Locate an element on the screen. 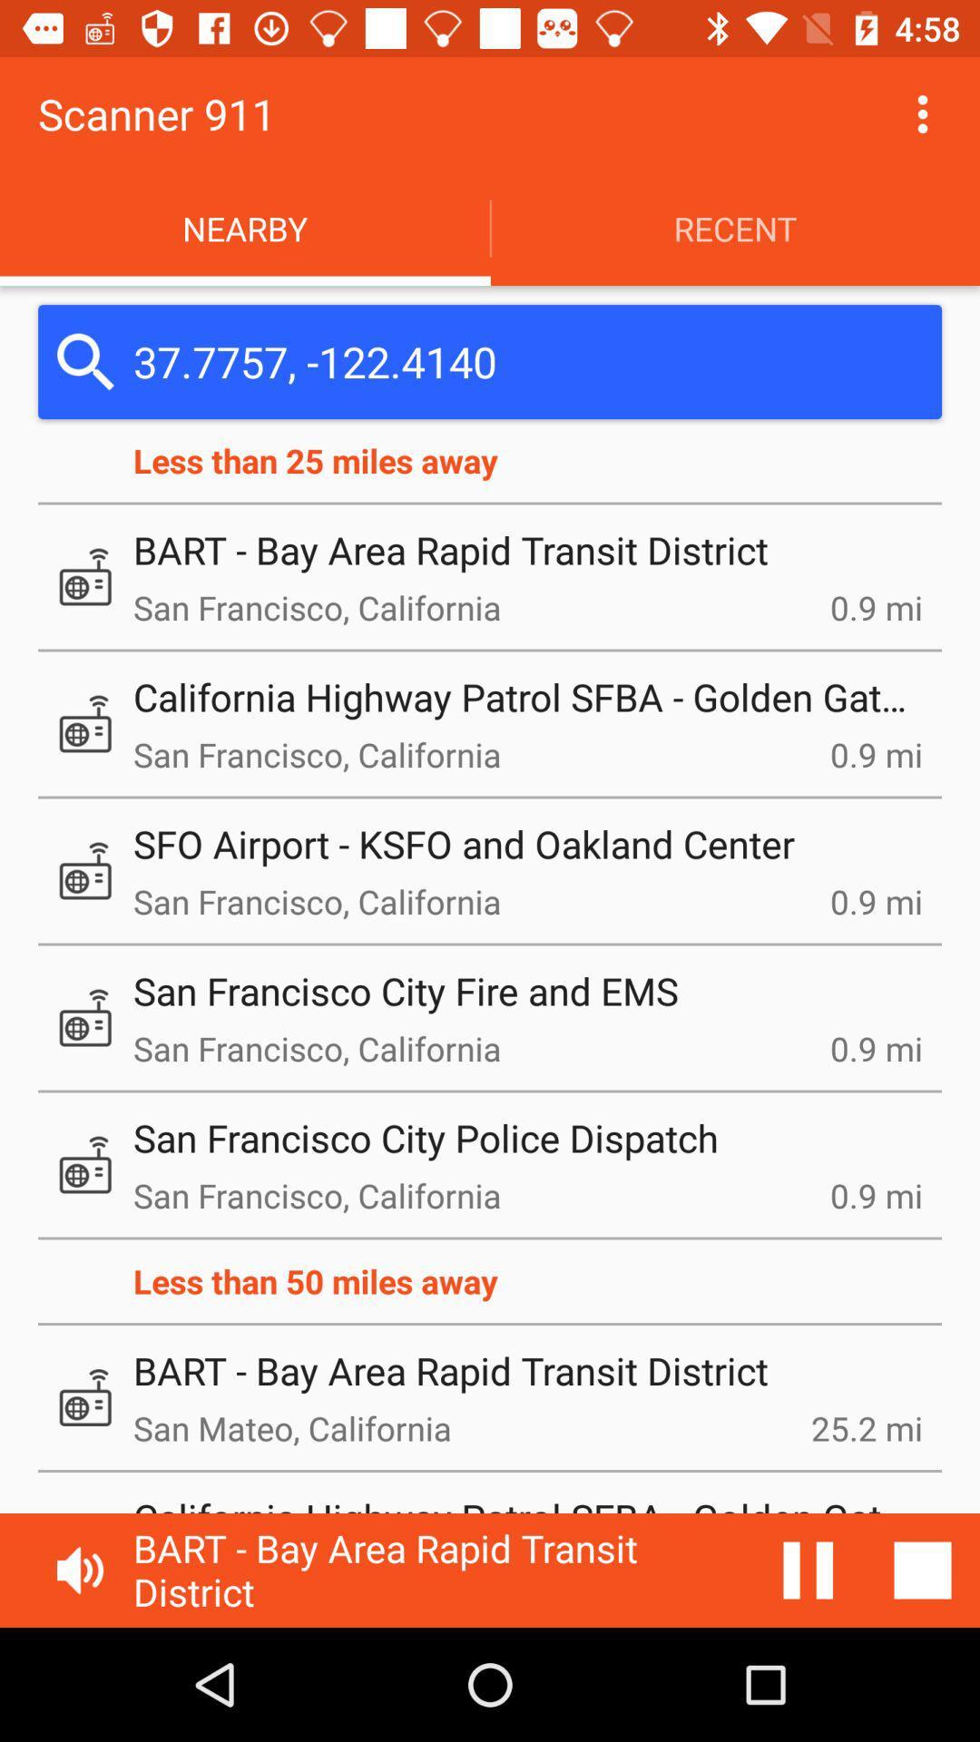 The image size is (980, 1742). the pause icon is located at coordinates (808, 1570).